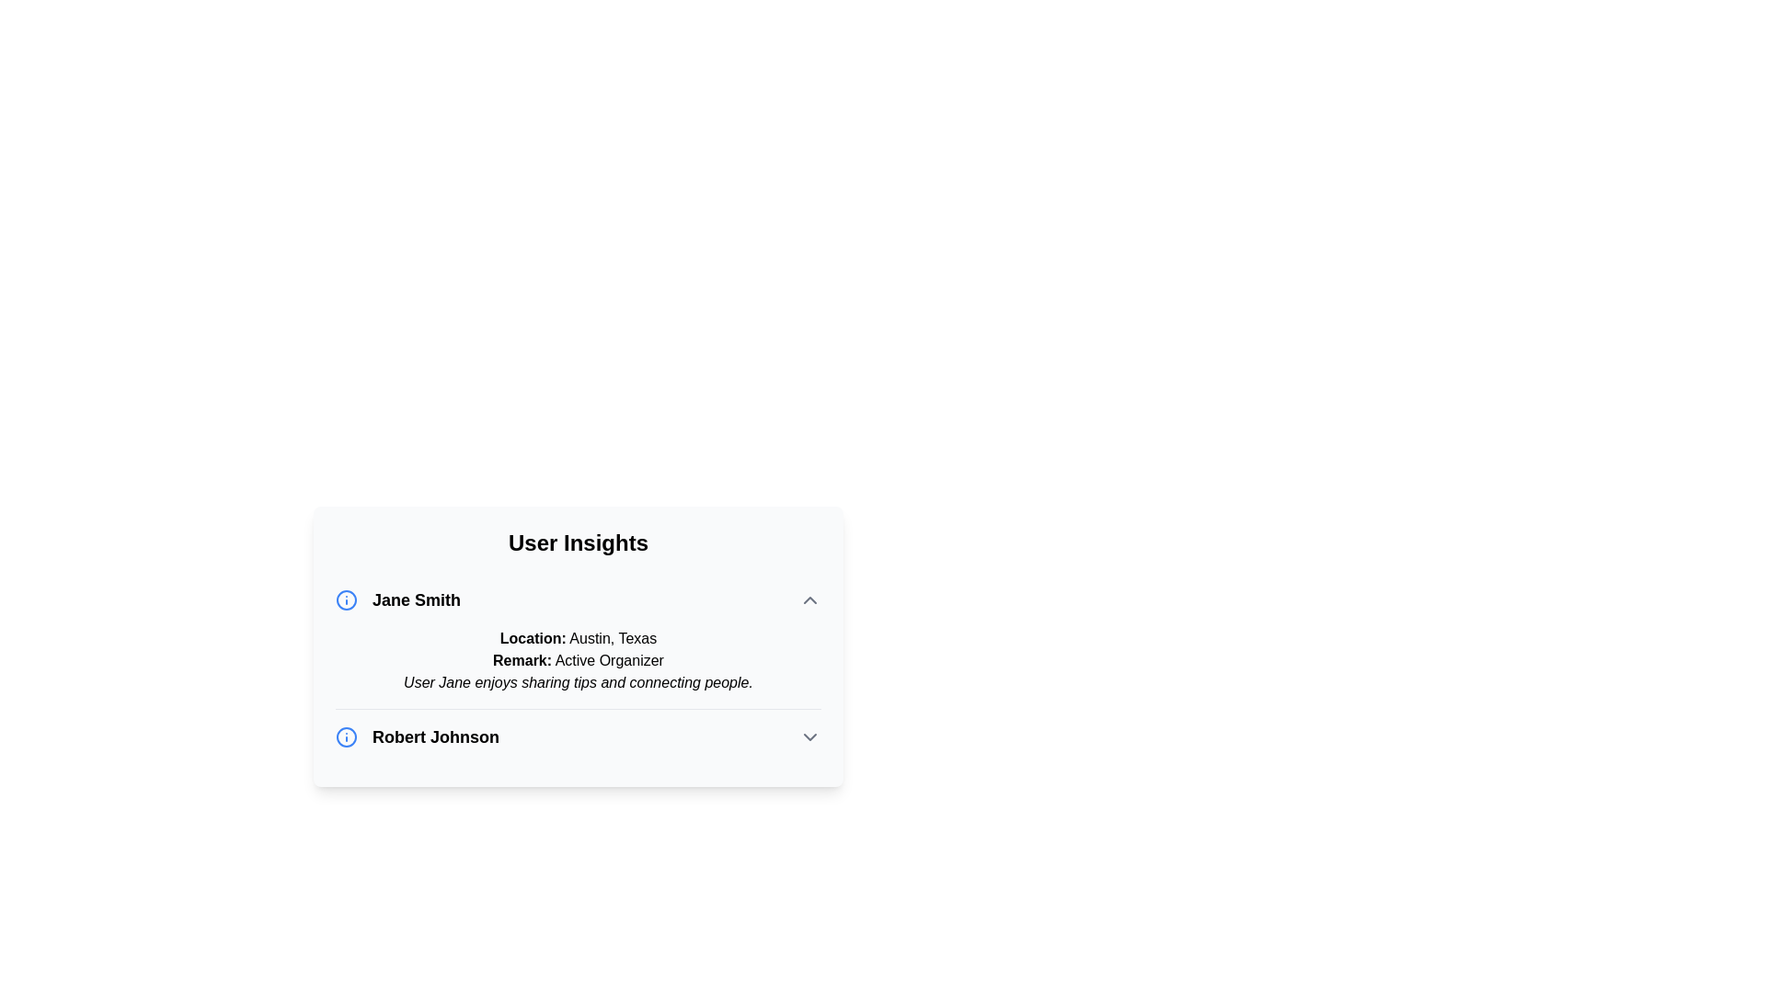 This screenshot has width=1766, height=993. What do you see at coordinates (396, 599) in the screenshot?
I see `the 'Jane Smith' text label, which is styled with a bold font and is positioned to the right of a blue circular icon with an 'i'` at bounding box center [396, 599].